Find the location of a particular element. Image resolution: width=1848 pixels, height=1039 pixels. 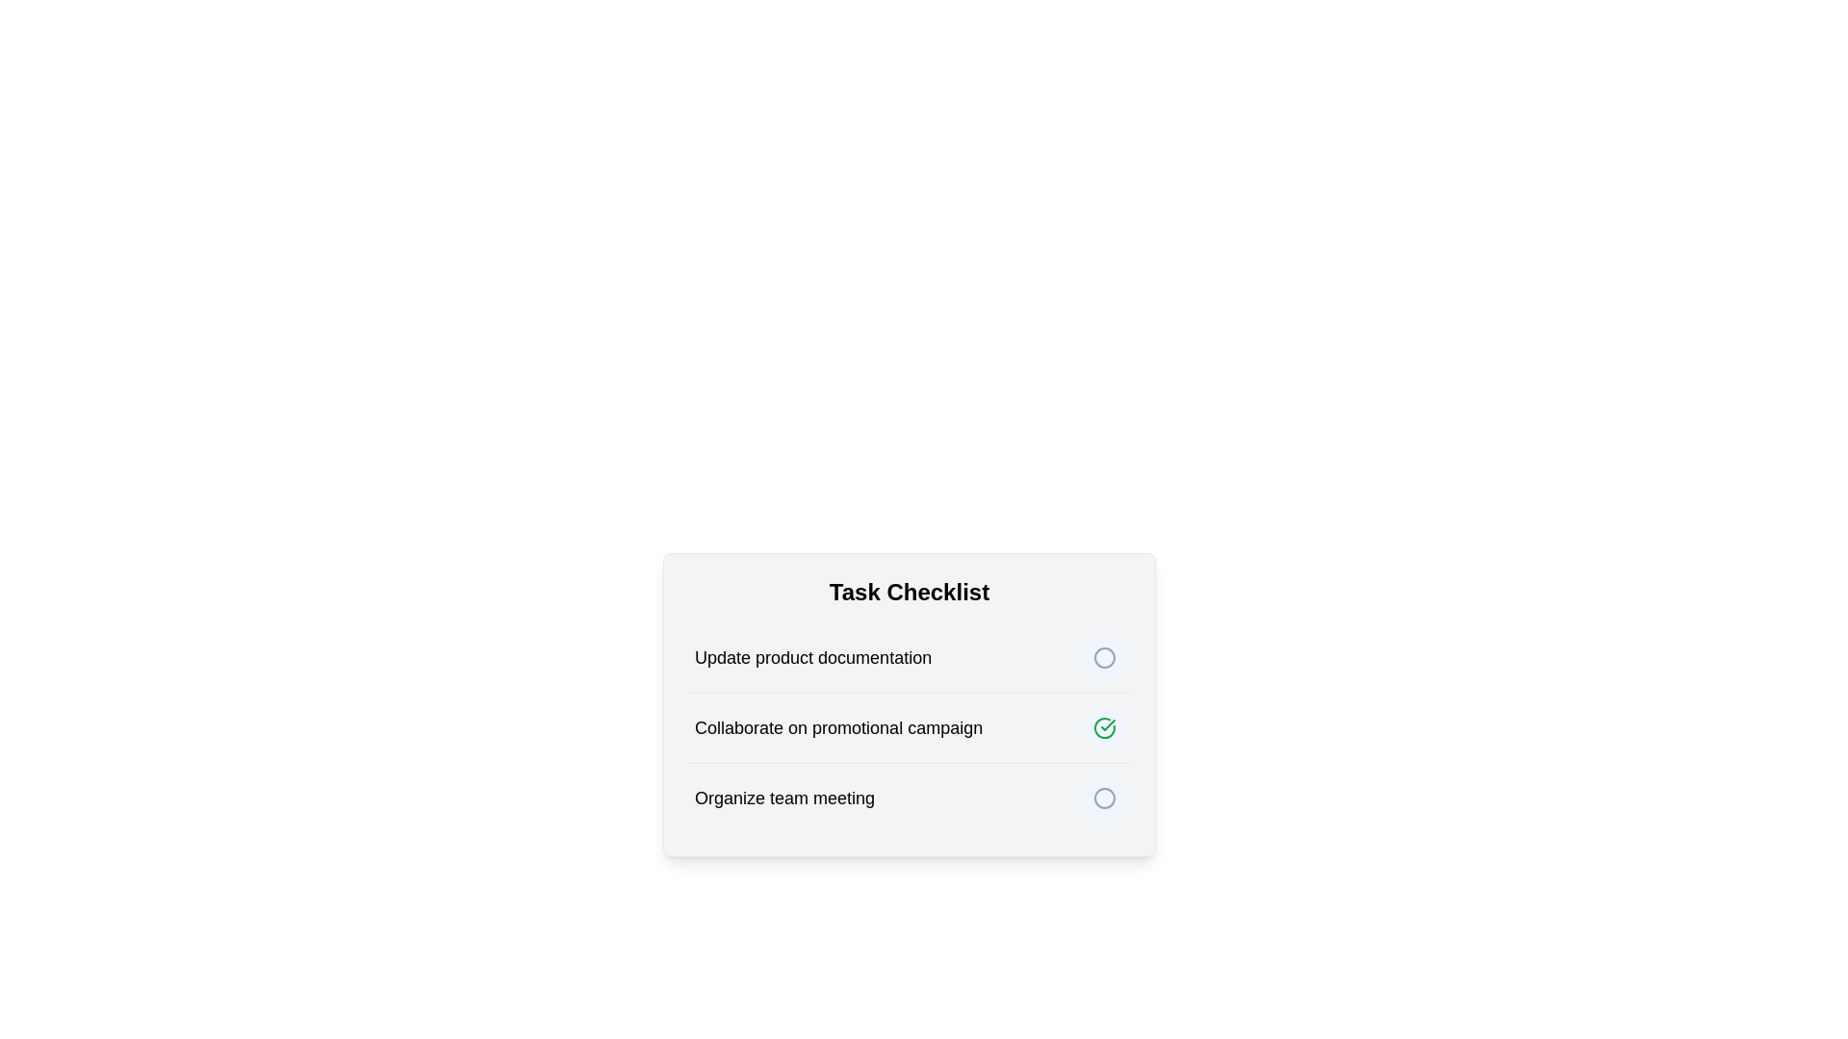

the circular SVG element, which resembles a checkbox, located at the bottom right corner of the checklist card next to the text 'Organize team meeting' is located at coordinates (1104, 798).